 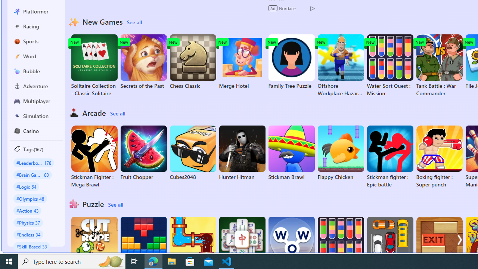 What do you see at coordinates (27, 186) in the screenshot?
I see `'#Logic 64'` at bounding box center [27, 186].